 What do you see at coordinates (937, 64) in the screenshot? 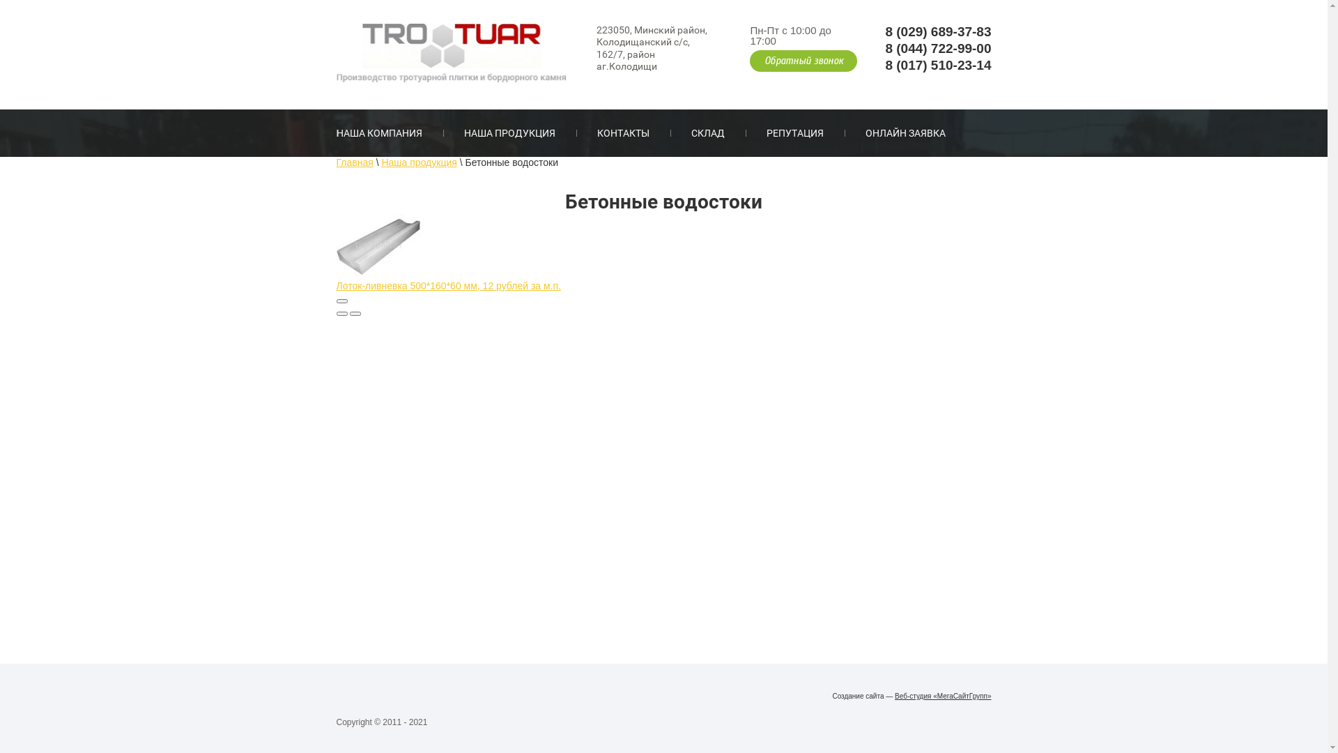
I see `'8 (017) 510-23-14'` at bounding box center [937, 64].